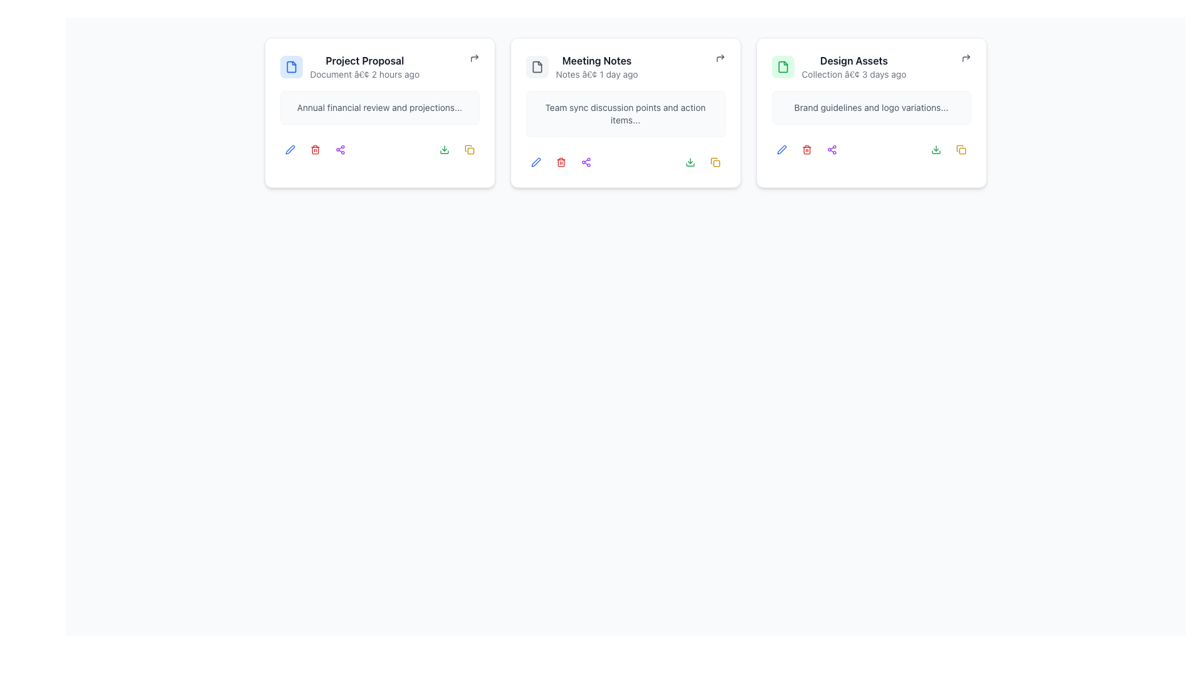 The width and height of the screenshot is (1204, 677). What do you see at coordinates (720, 58) in the screenshot?
I see `the return icon located at the top-right corner of the 'Meeting Notes' card` at bounding box center [720, 58].